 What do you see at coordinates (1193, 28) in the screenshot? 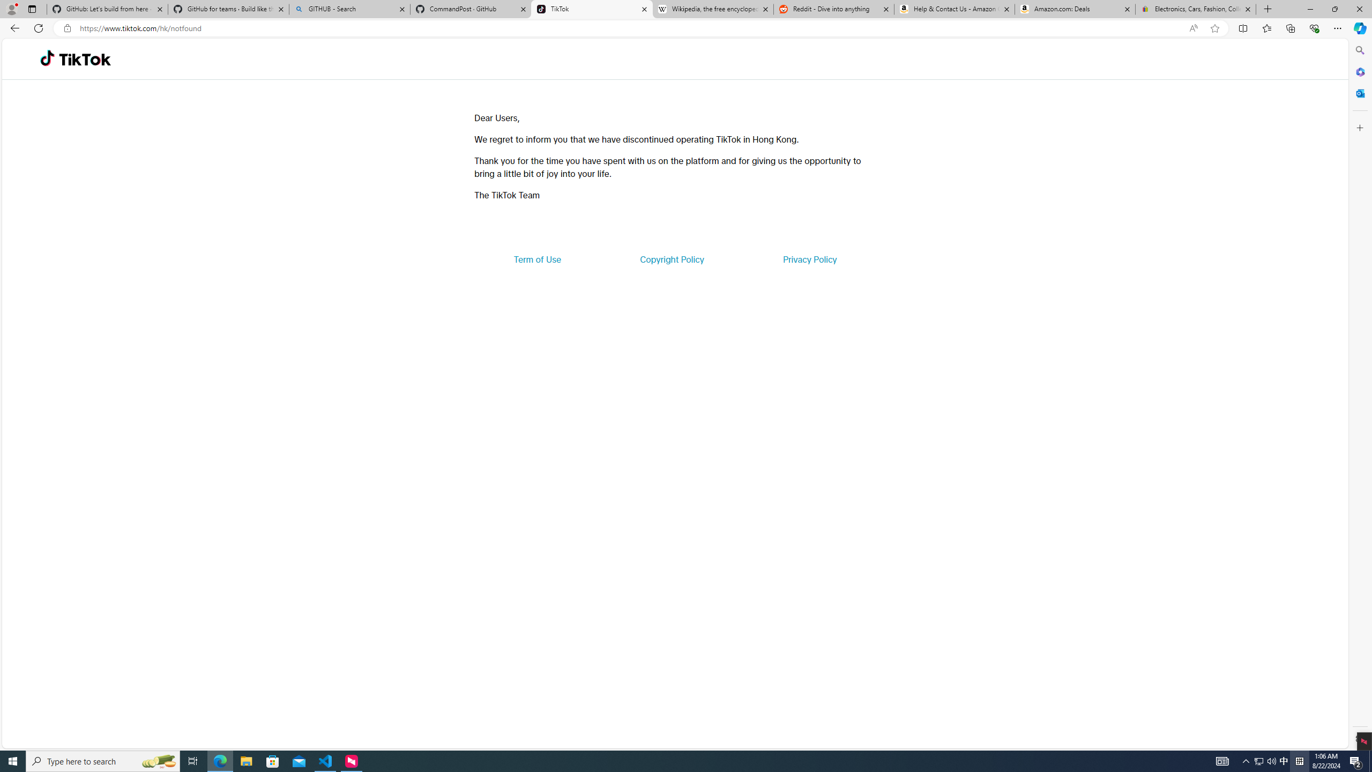
I see `'Read aloud this page (Ctrl+Shift+U)'` at bounding box center [1193, 28].